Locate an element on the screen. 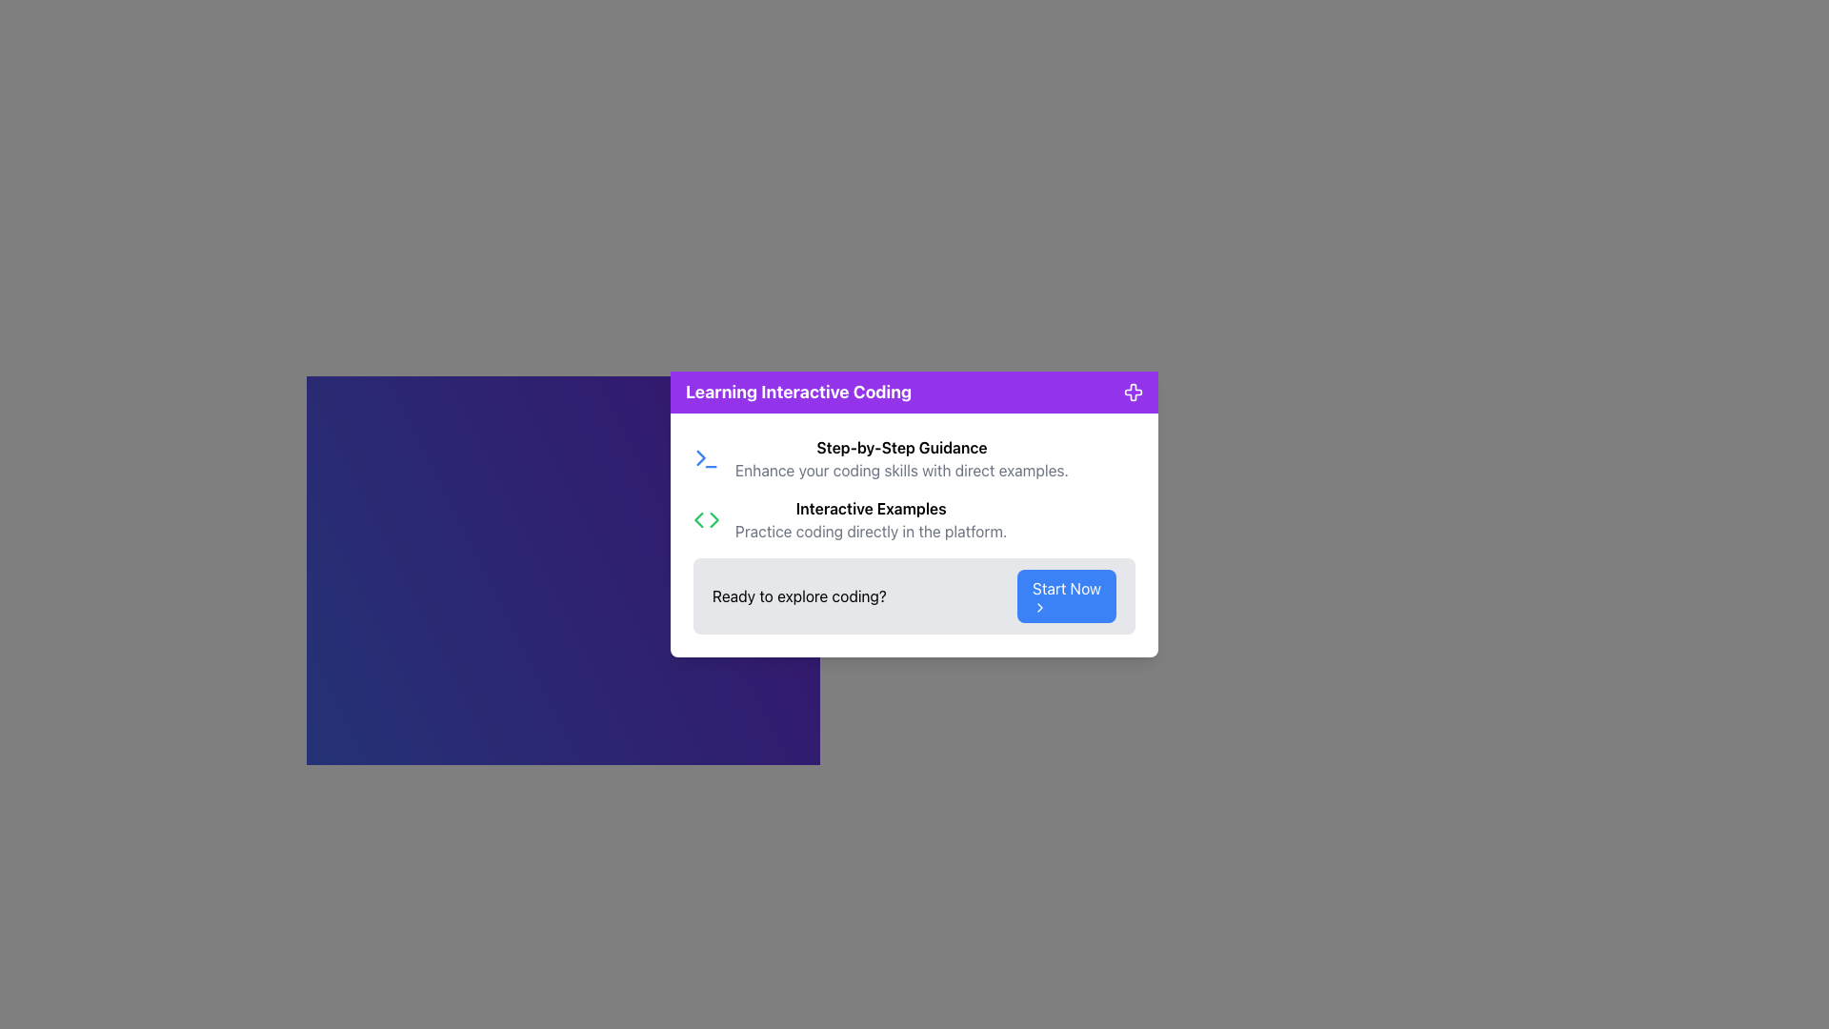 Image resolution: width=1829 pixels, height=1029 pixels. the close button located at the far right of the purple header bar labeled 'Learning Interactive Coding' is located at coordinates (1134, 392).